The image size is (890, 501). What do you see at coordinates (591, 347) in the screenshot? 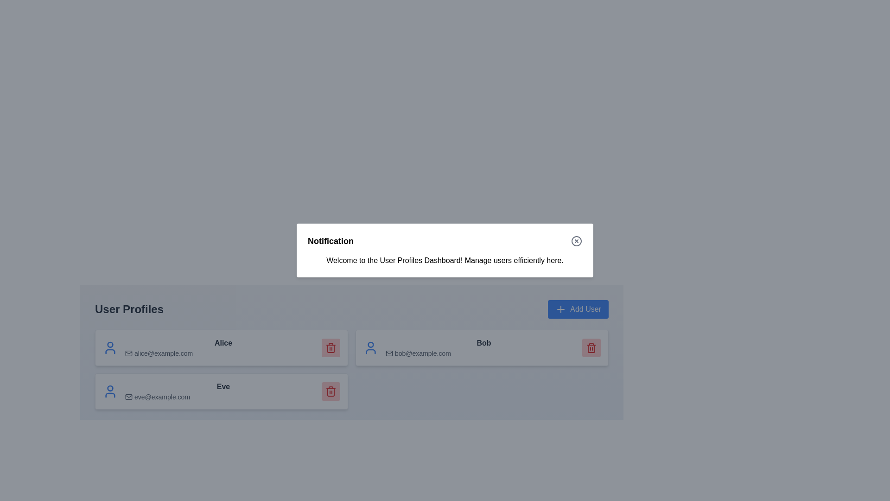
I see `the Delete button with an icon for the user profile of 'Bob'` at bounding box center [591, 347].